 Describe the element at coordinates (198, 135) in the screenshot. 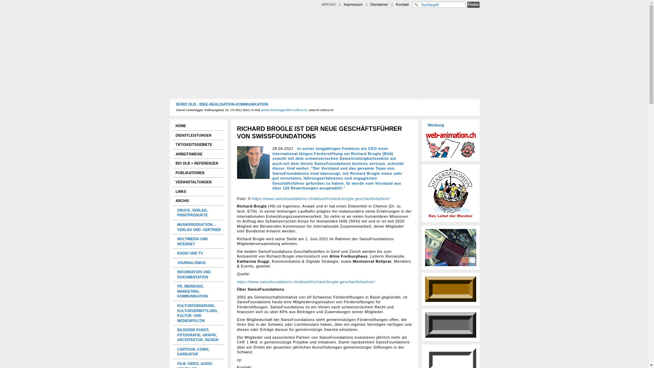

I see `'DIENSTLEISTUNGEN'` at that location.